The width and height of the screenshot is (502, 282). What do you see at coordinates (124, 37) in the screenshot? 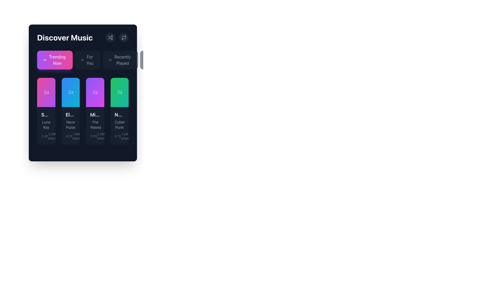
I see `the repeat button located in the top-right corner of the music discovery interface` at bounding box center [124, 37].